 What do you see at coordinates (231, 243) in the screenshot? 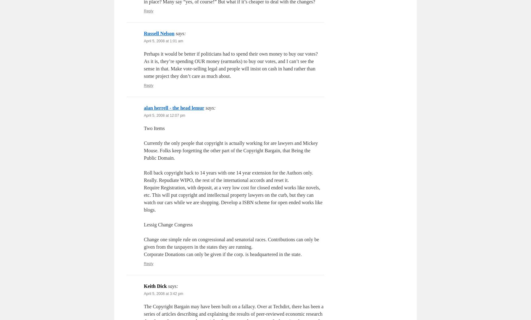
I see `'Change one simple rule on congressional and senatorial races. Contributions can only be given from the taxpayers in the states they are running.'` at bounding box center [231, 243].